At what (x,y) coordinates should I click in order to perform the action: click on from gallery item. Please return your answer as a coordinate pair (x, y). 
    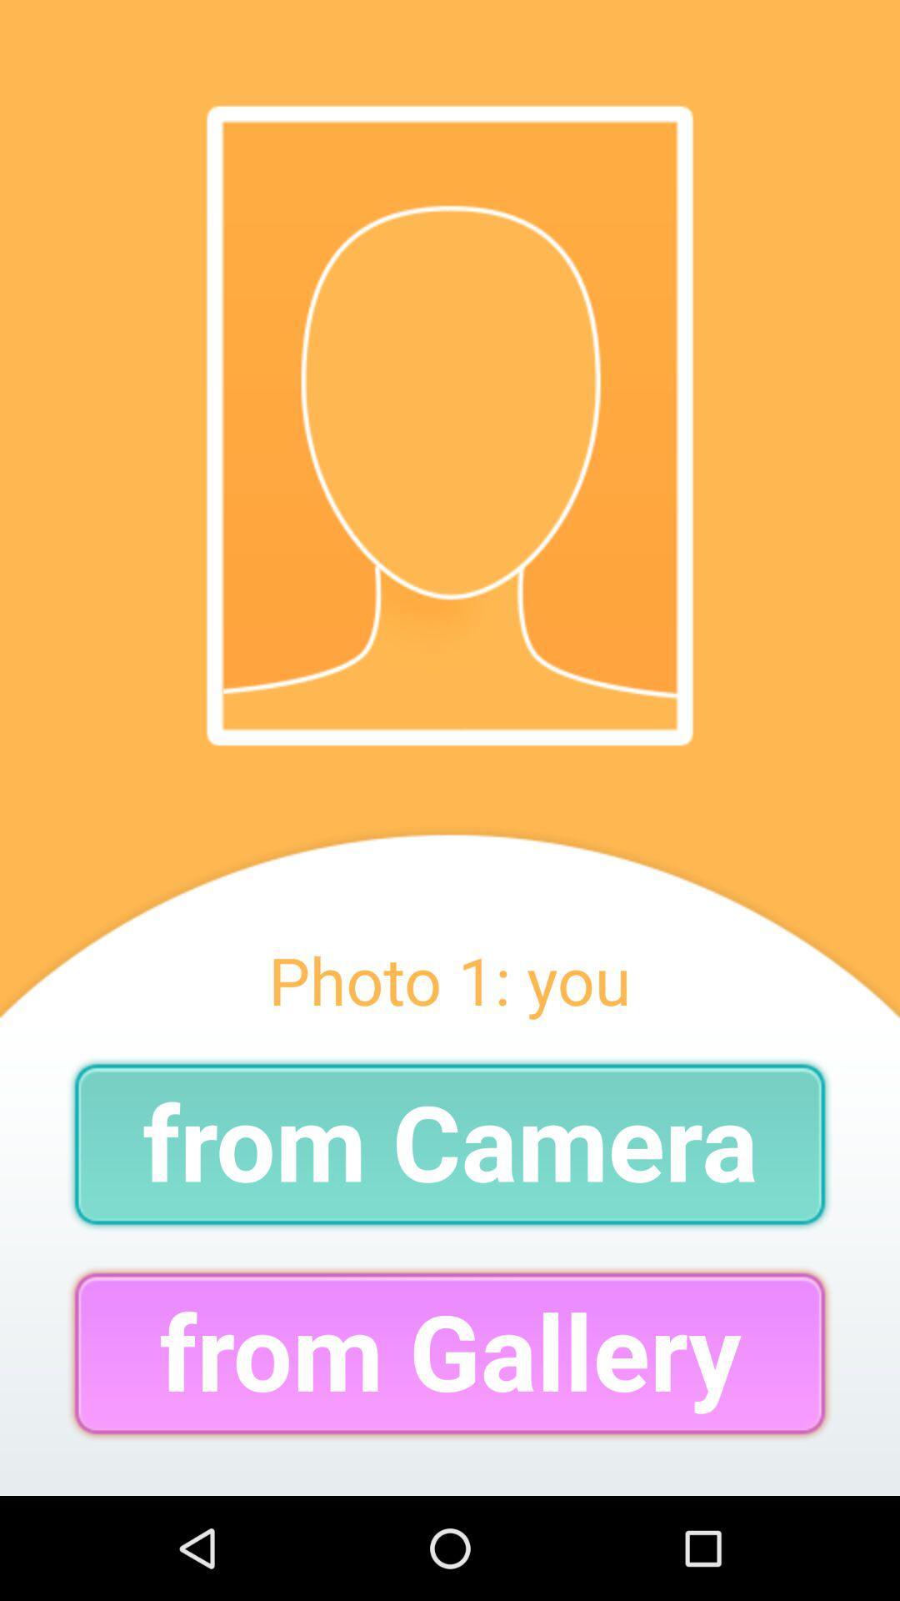
    Looking at the image, I should click on (450, 1353).